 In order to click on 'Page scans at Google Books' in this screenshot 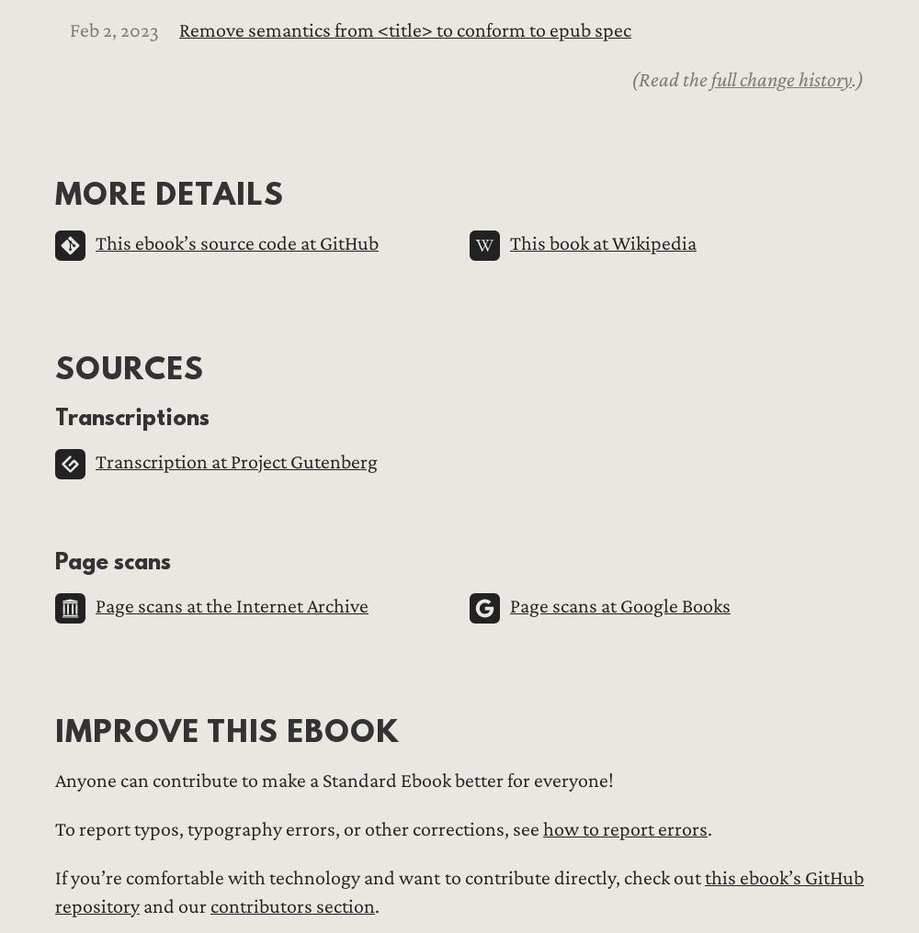, I will do `click(620, 605)`.